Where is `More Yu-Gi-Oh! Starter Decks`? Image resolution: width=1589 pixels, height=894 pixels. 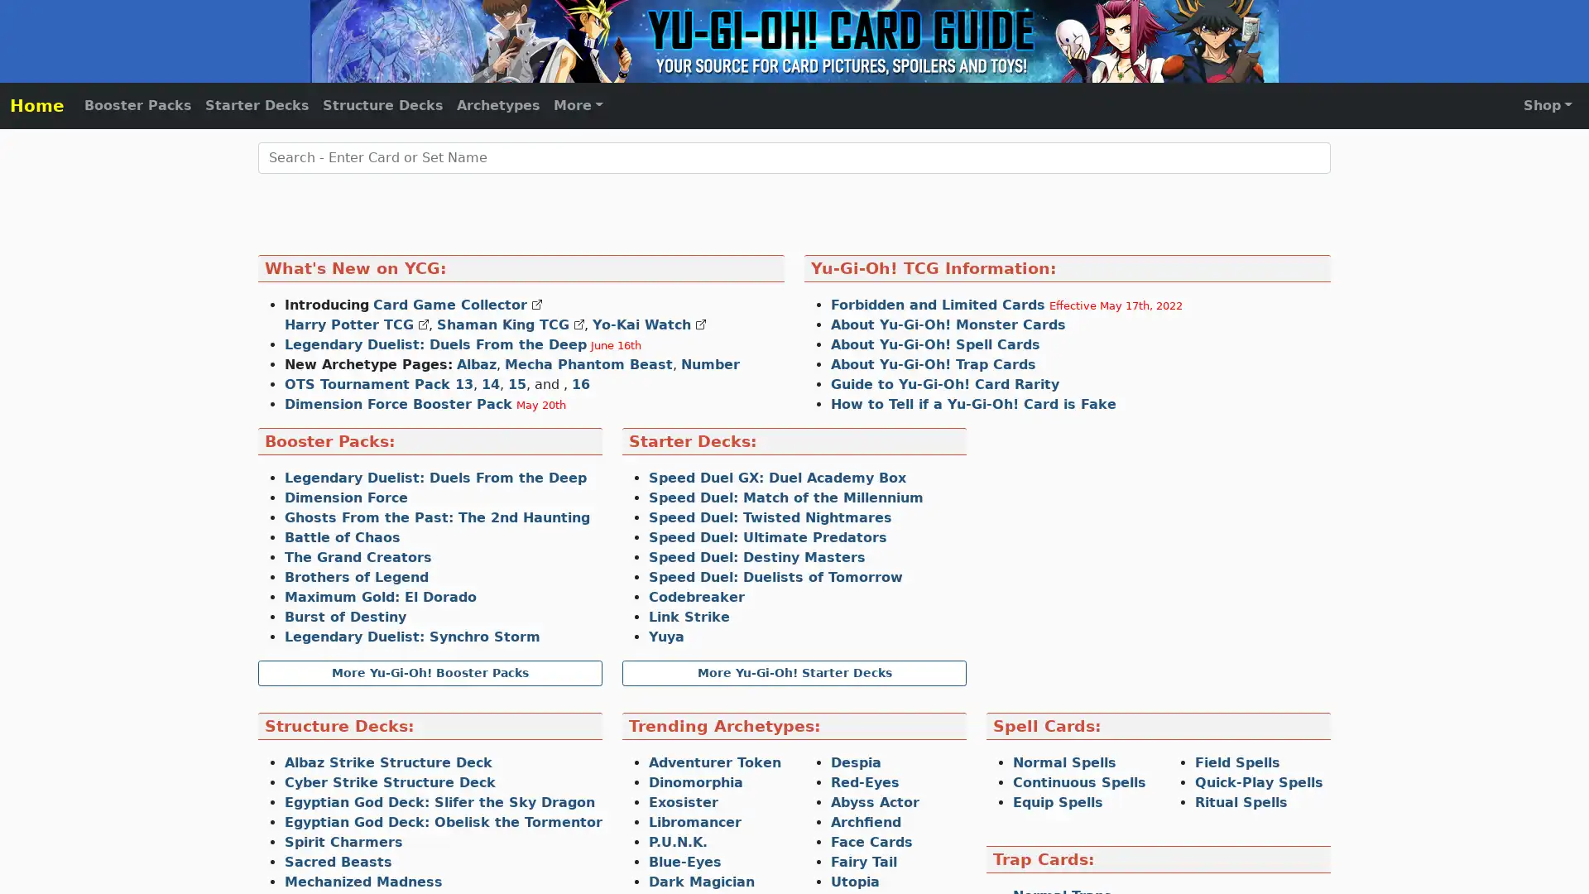
More Yu-Gi-Oh! Starter Decks is located at coordinates (794, 673).